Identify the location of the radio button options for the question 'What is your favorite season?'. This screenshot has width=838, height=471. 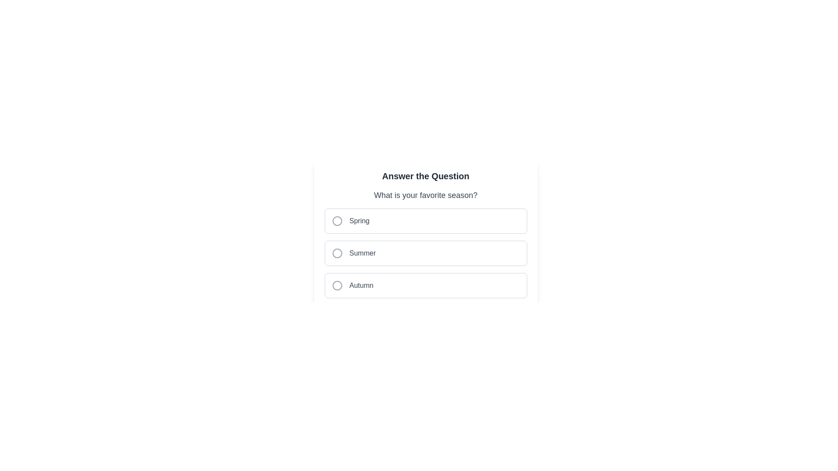
(426, 259).